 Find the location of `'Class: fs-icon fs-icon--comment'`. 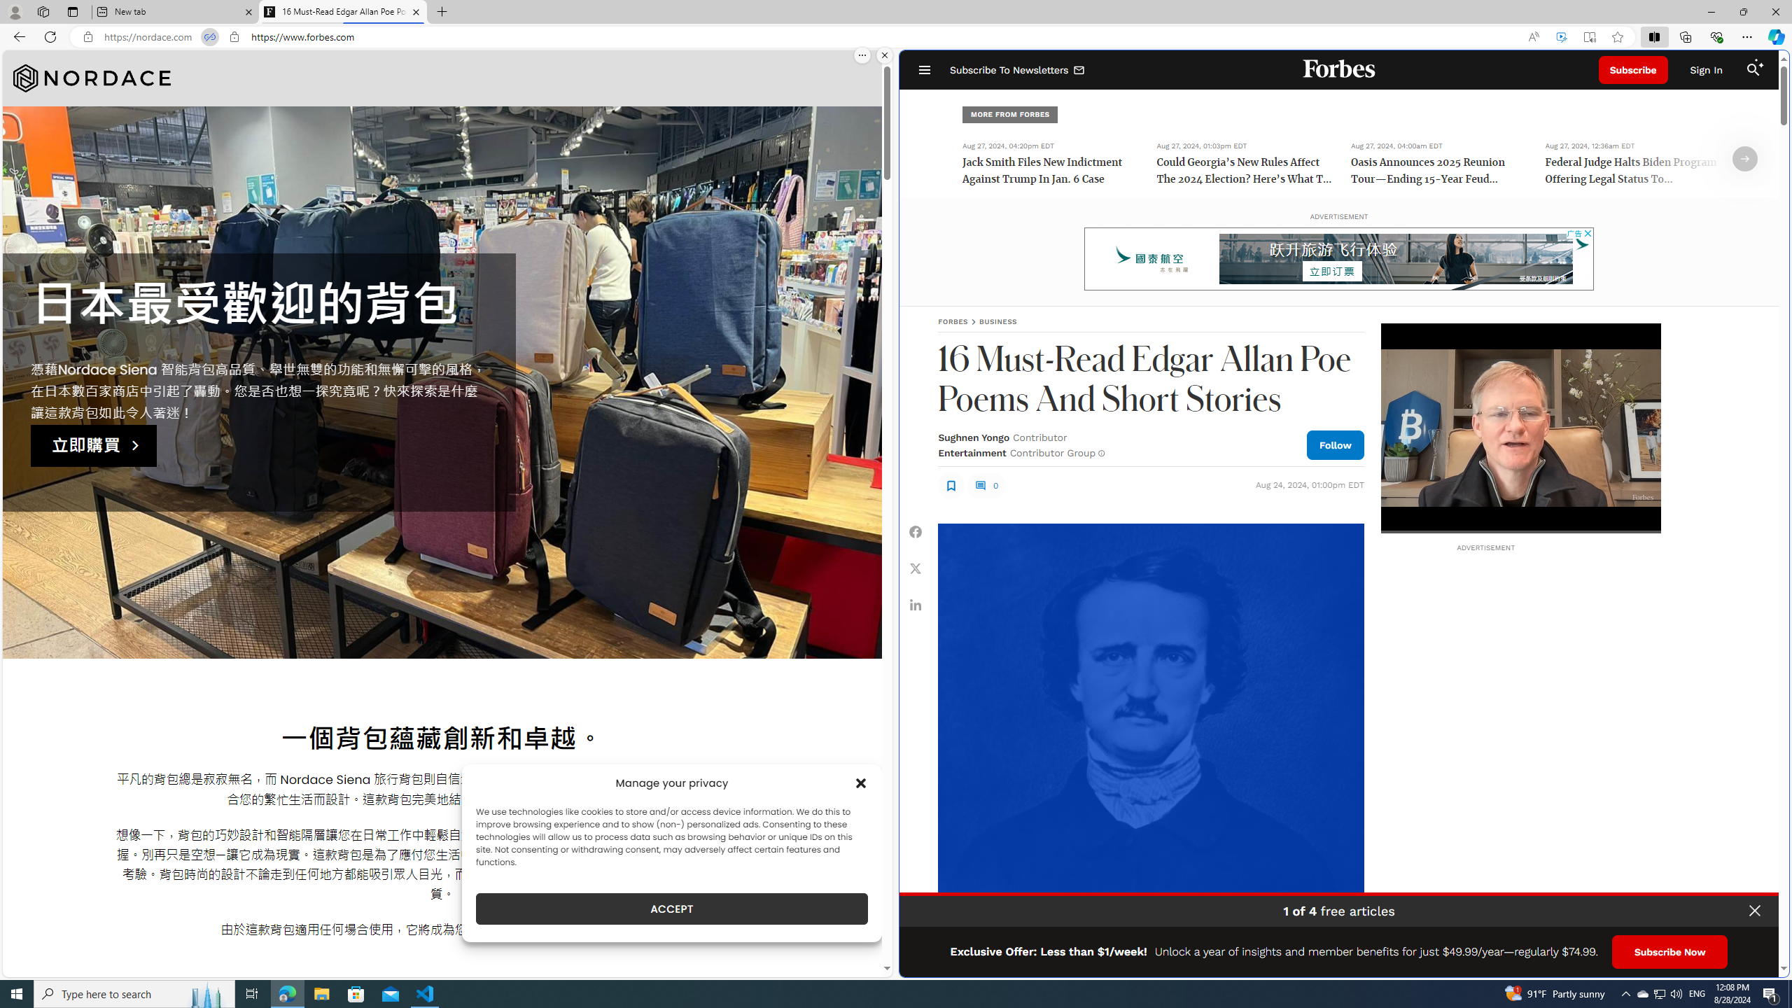

'Class: fs-icon fs-icon--comment' is located at coordinates (979, 485).